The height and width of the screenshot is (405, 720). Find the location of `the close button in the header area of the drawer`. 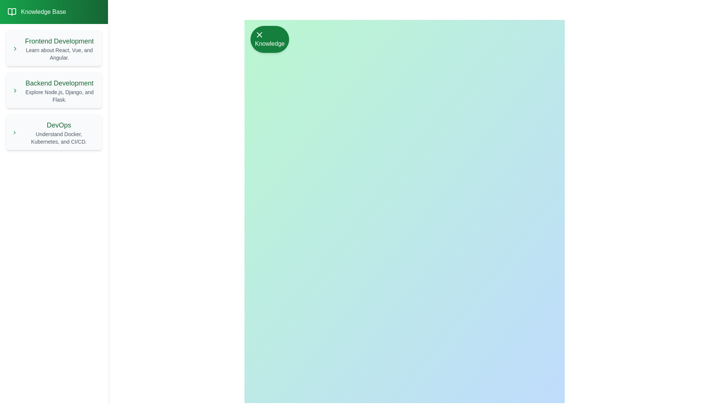

the close button in the header area of the drawer is located at coordinates (259, 34).